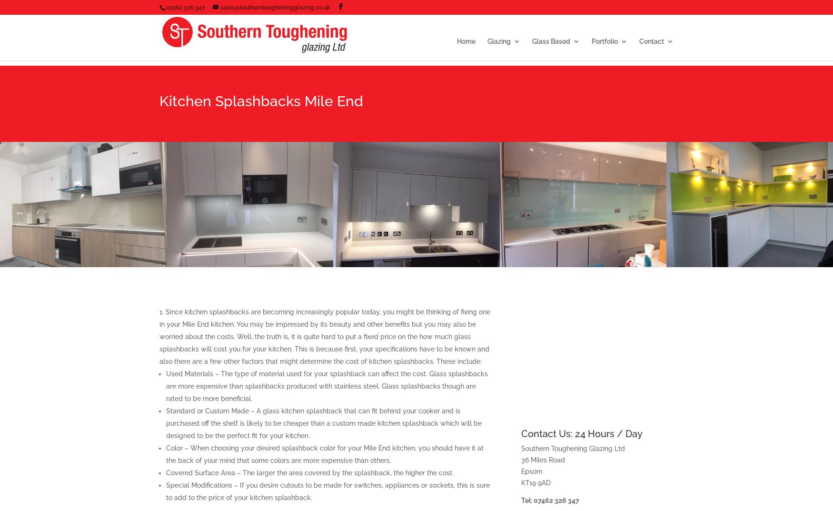 The image size is (833, 511). I want to click on 'Mirrors', so click(561, 106).